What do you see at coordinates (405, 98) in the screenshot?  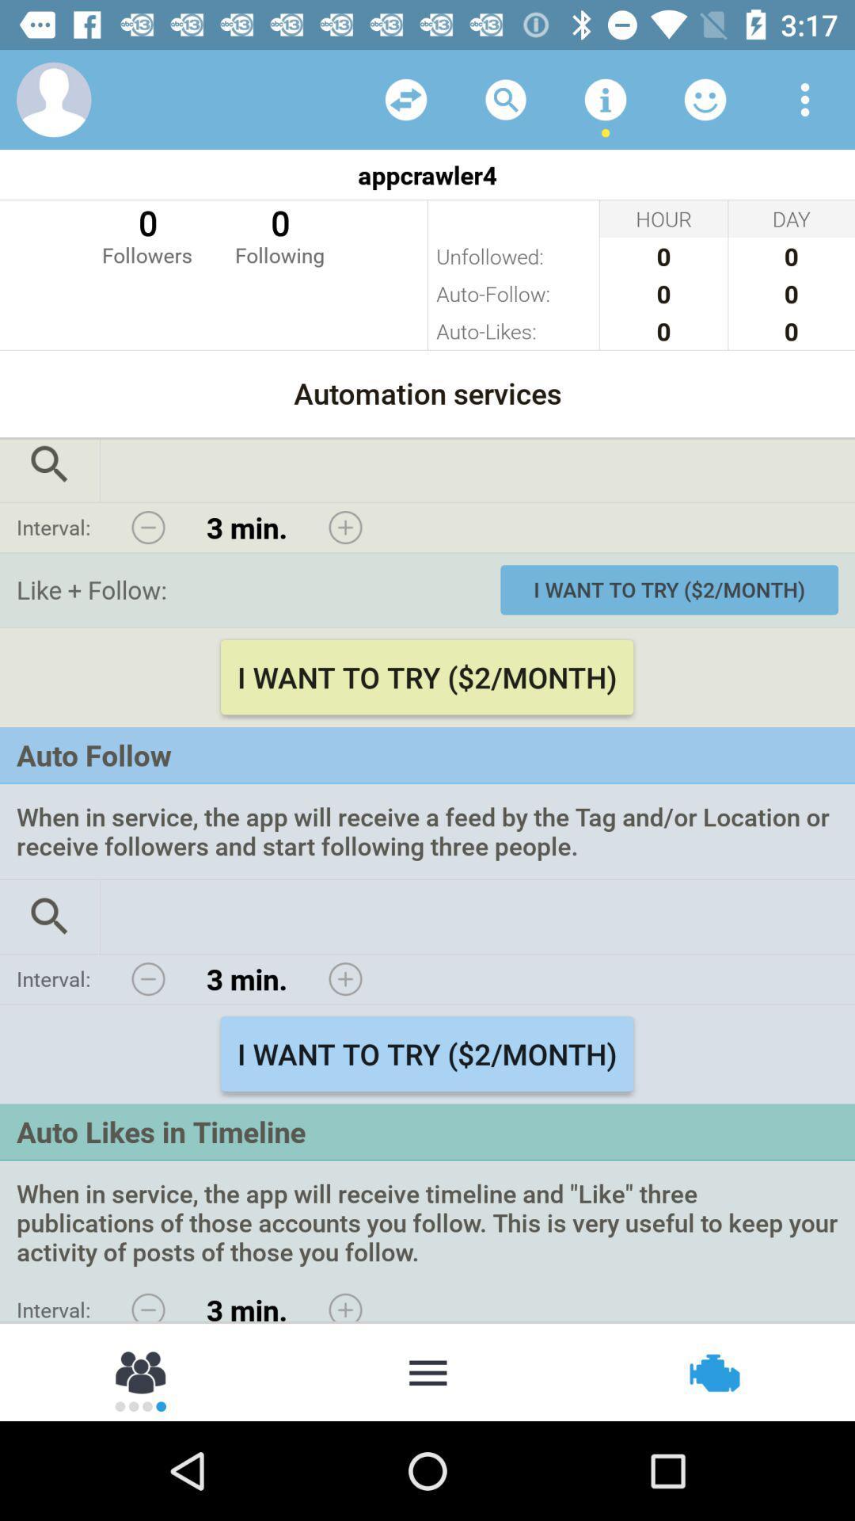 I see `choose random` at bounding box center [405, 98].